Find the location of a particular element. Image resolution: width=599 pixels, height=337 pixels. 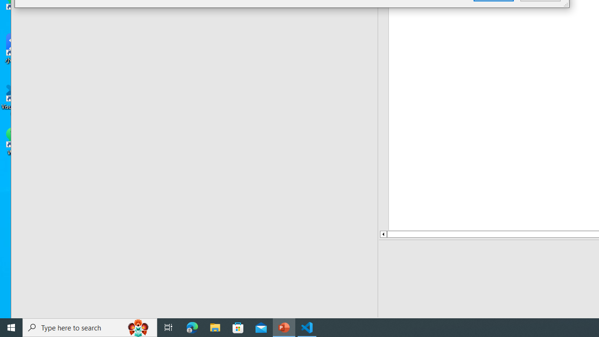

'File Explorer' is located at coordinates (215, 327).